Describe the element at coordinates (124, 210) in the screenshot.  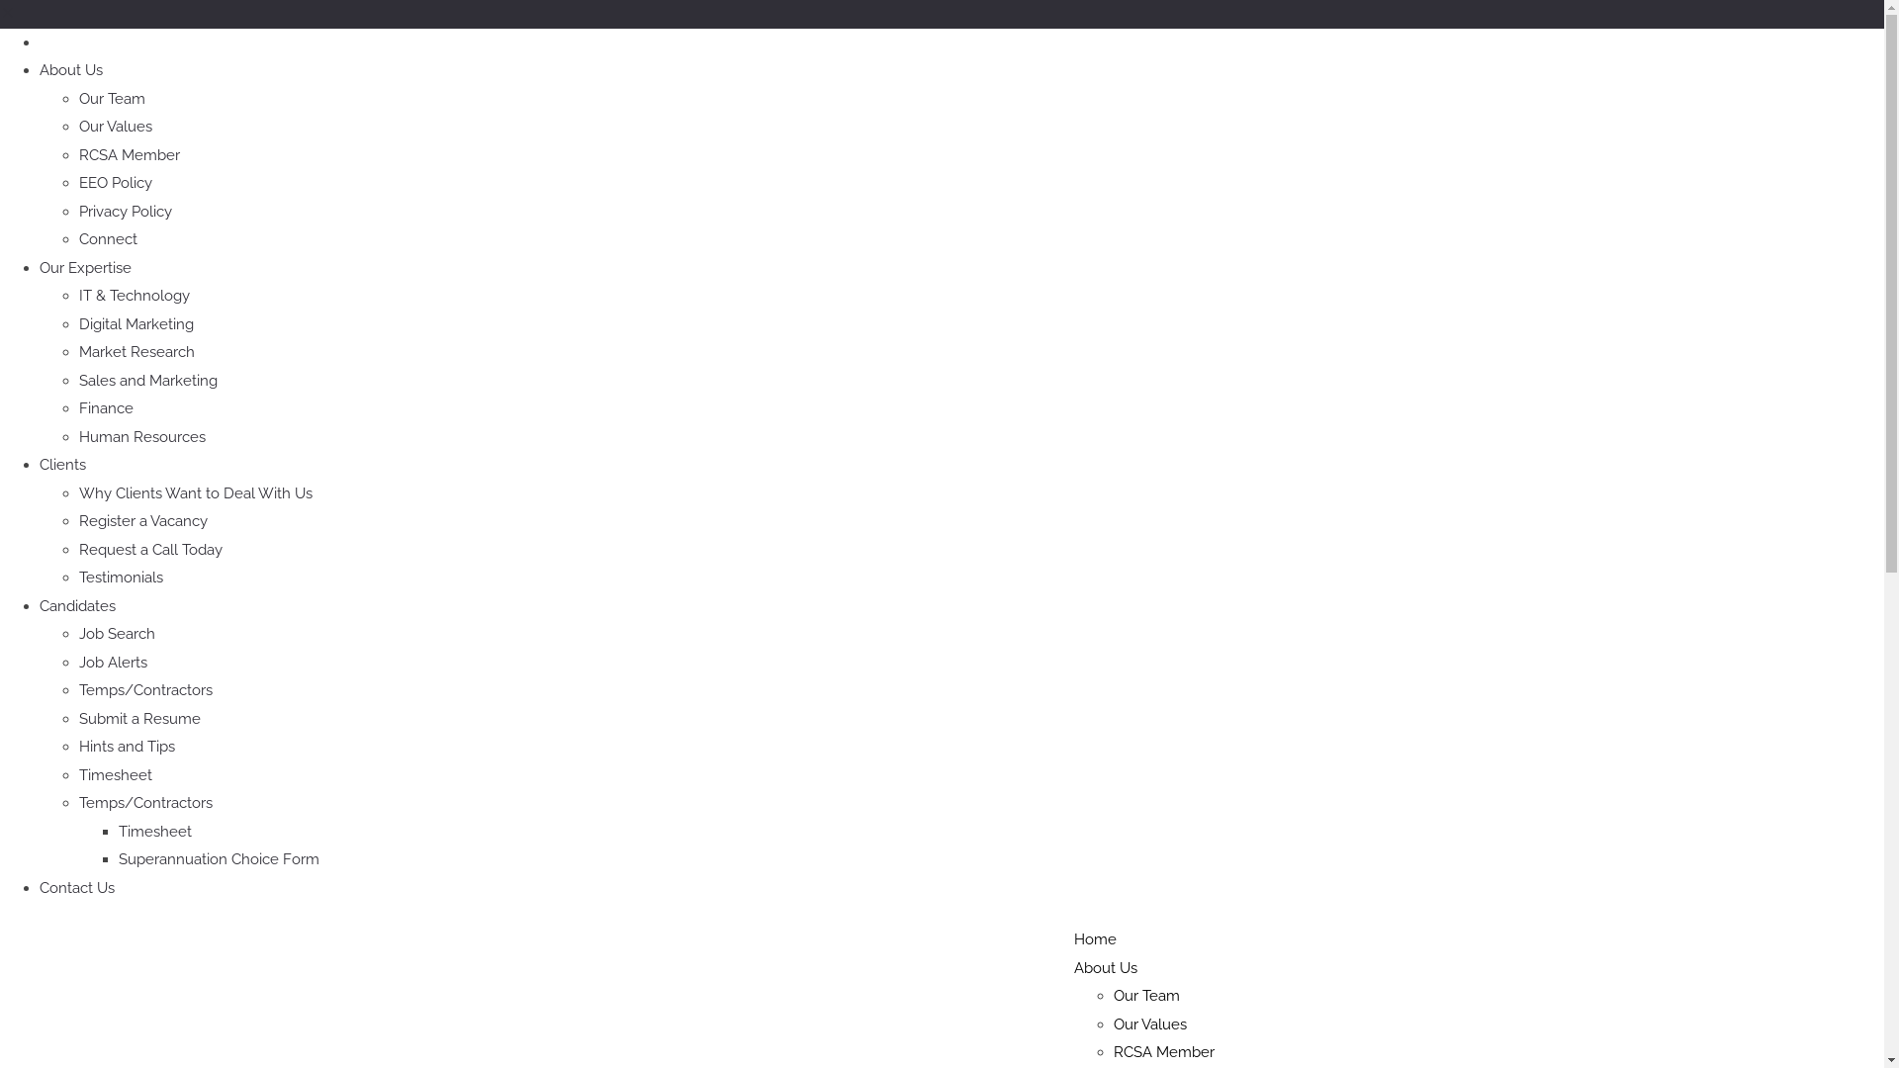
I see `'Privacy Policy'` at that location.